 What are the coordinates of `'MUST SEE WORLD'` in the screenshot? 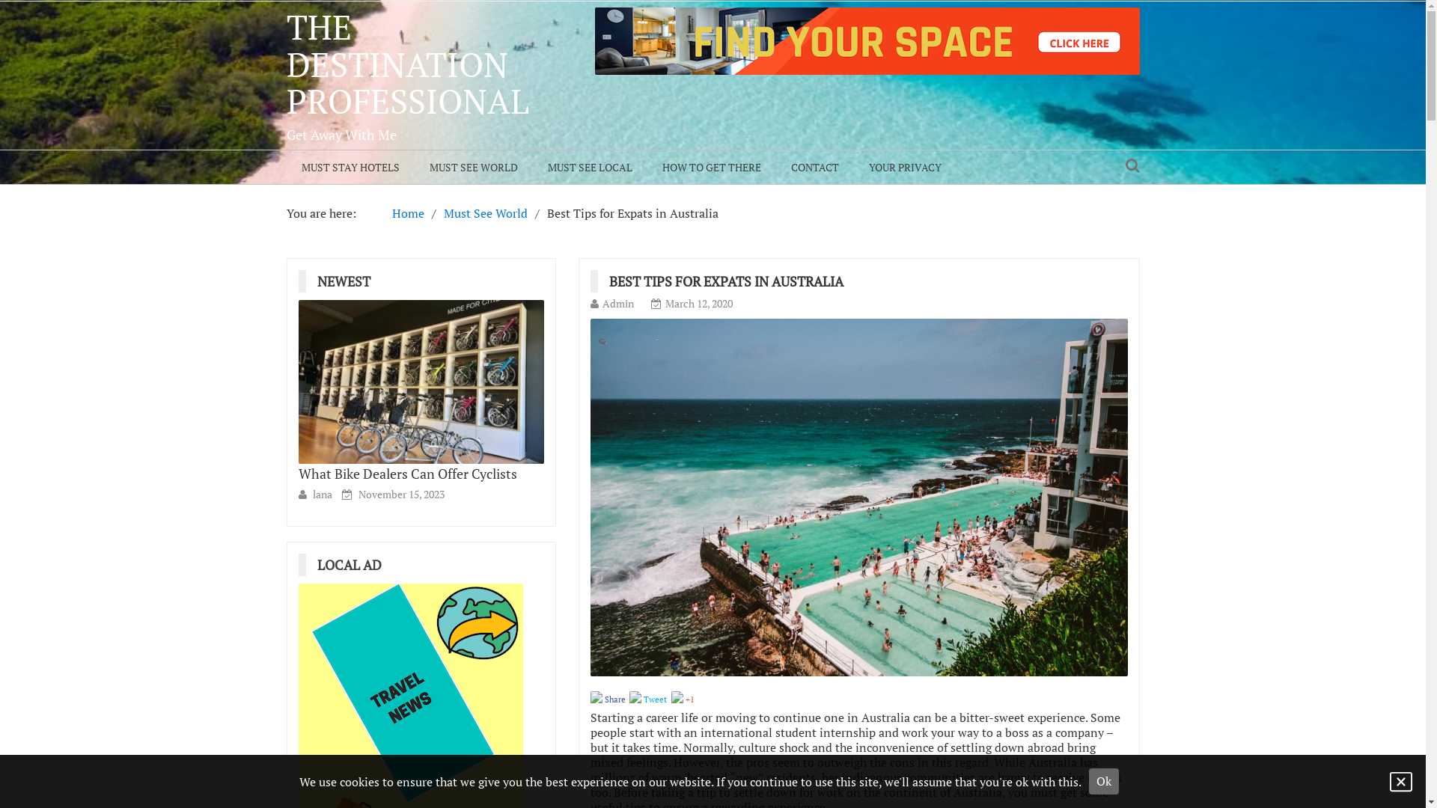 It's located at (473, 167).